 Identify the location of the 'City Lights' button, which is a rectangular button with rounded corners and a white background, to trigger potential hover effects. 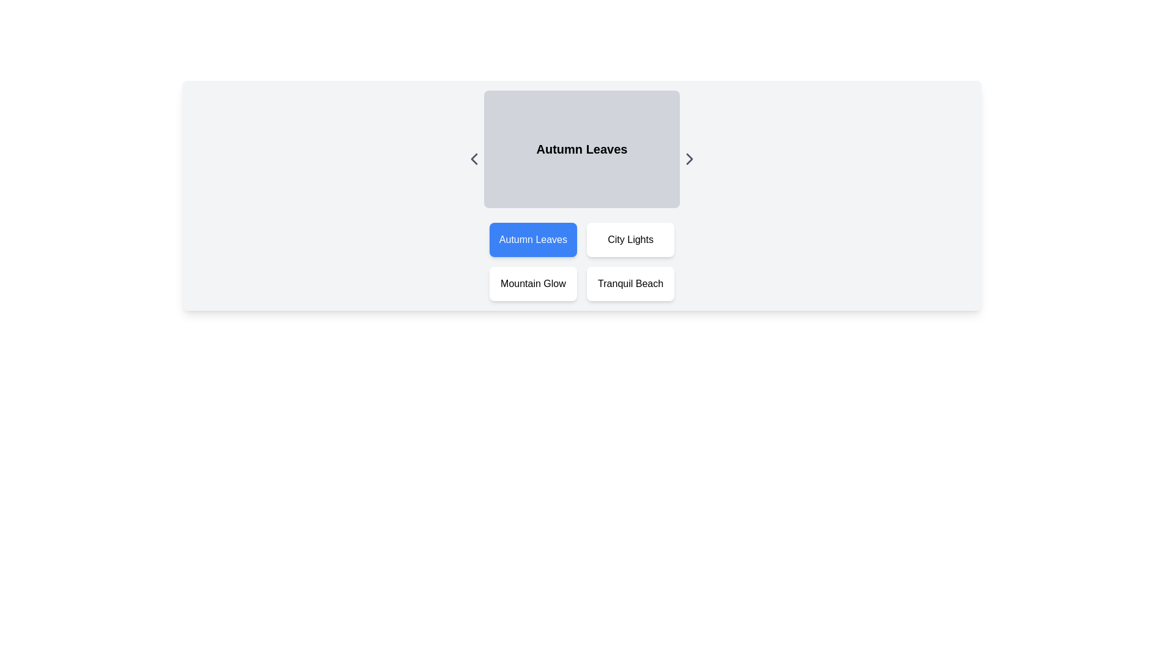
(630, 240).